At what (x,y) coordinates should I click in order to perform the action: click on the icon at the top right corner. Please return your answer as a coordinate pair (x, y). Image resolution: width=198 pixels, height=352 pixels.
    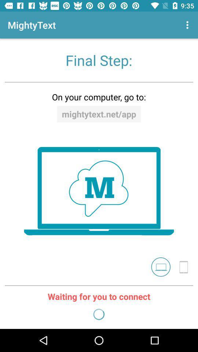
    Looking at the image, I should click on (188, 25).